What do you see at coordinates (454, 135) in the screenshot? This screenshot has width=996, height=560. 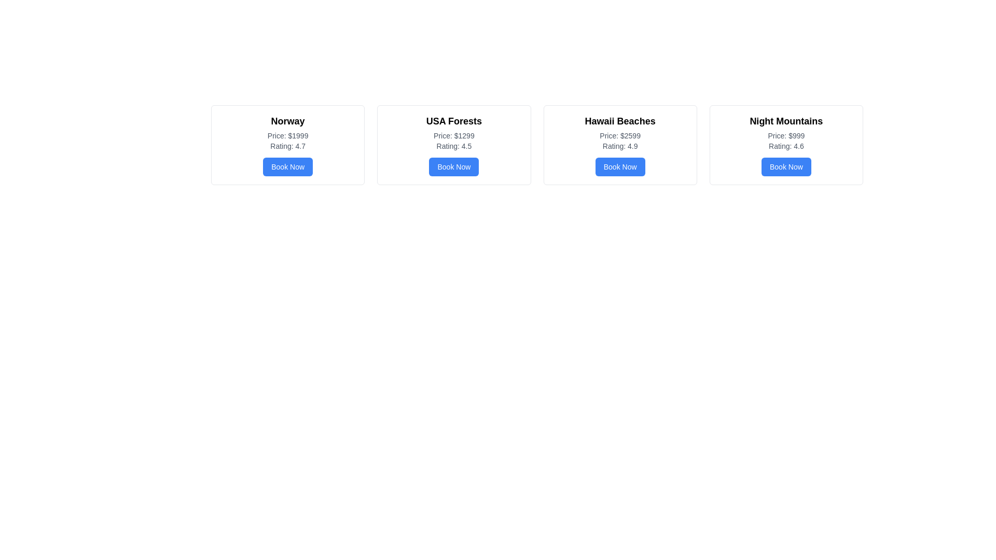 I see `the static text label indicating the price information for the 'USA Forests' item, which is positioned below the title and above the rating text` at bounding box center [454, 135].